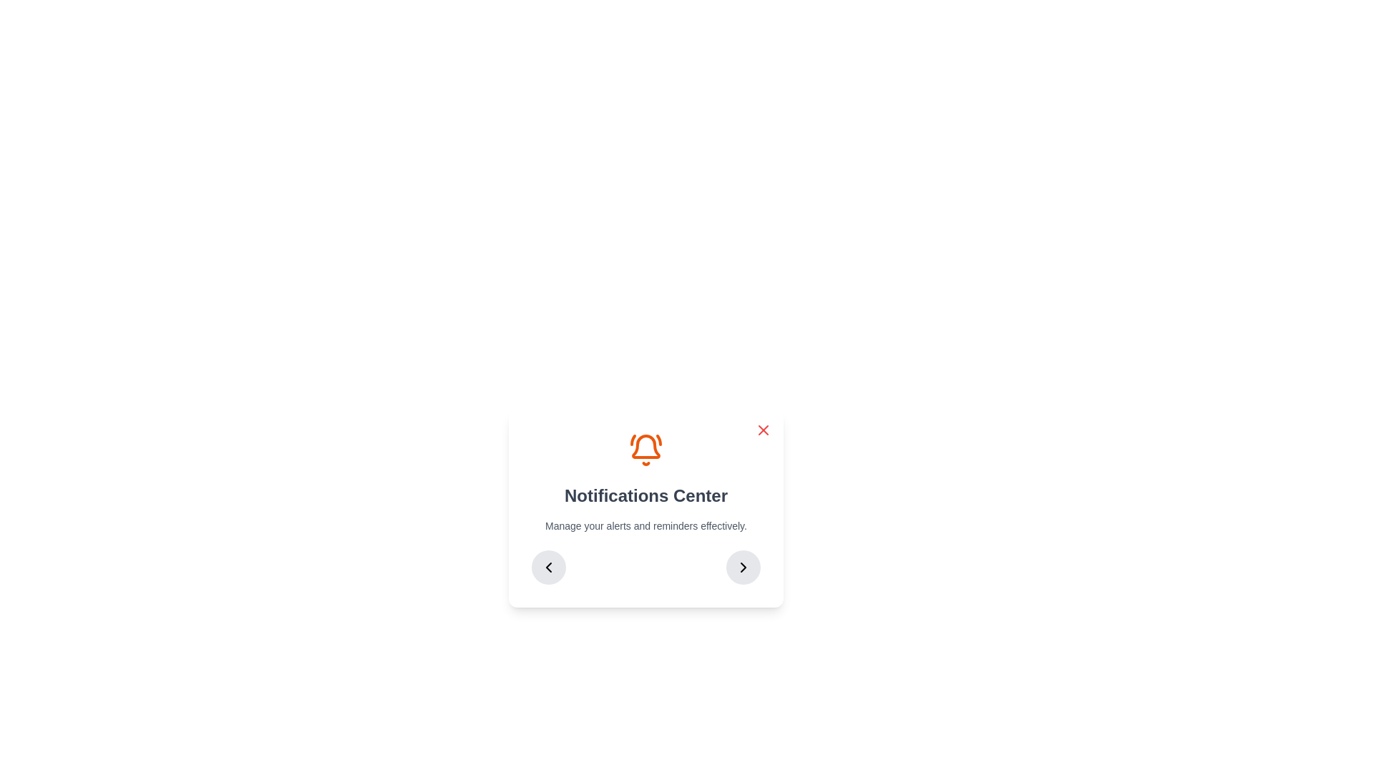 The width and height of the screenshot is (1374, 772). Describe the element at coordinates (548, 567) in the screenshot. I see `the previous navigation button located at the bottom-left corner of the 'Notifications Center' card to change its background color` at that location.